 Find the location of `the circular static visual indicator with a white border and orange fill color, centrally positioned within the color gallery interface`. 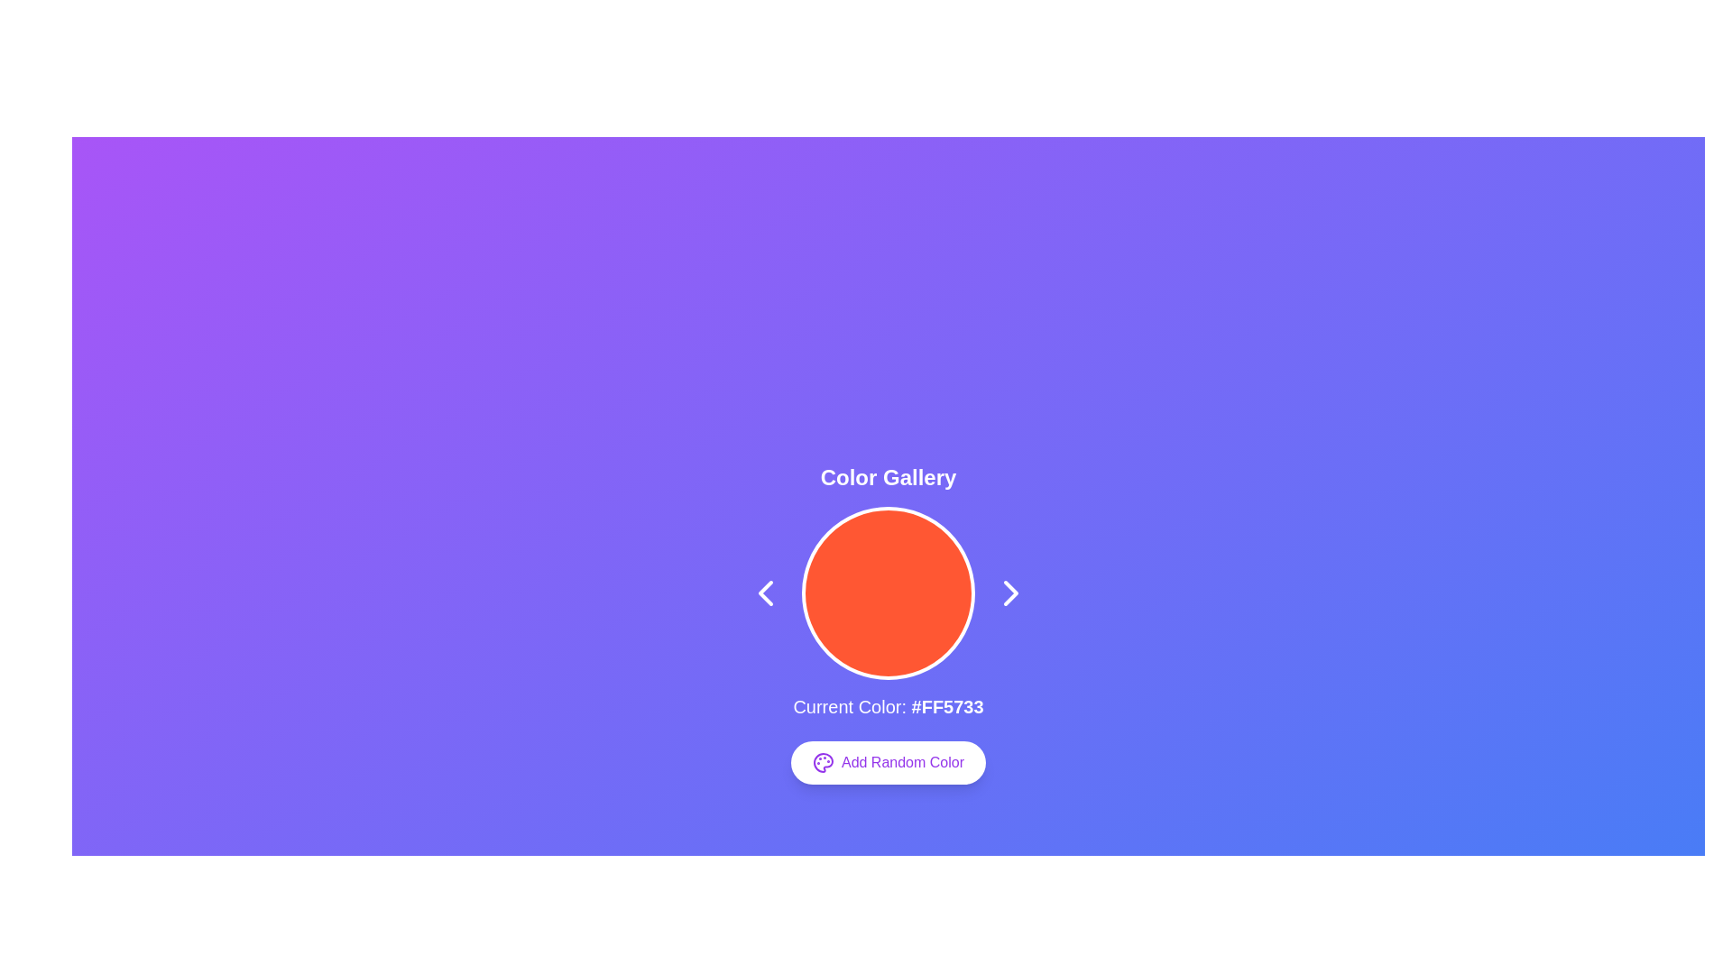

the circular static visual indicator with a white border and orange fill color, centrally positioned within the color gallery interface is located at coordinates (888, 593).